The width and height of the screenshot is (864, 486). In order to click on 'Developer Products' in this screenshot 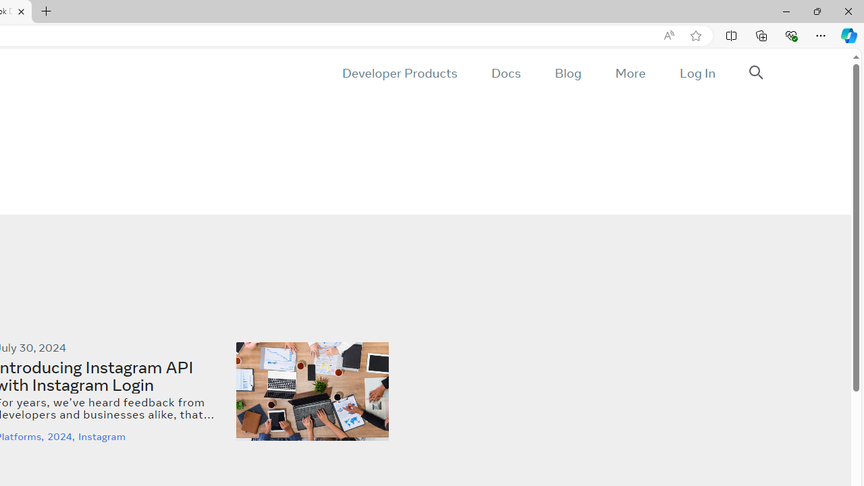, I will do `click(399, 73)`.